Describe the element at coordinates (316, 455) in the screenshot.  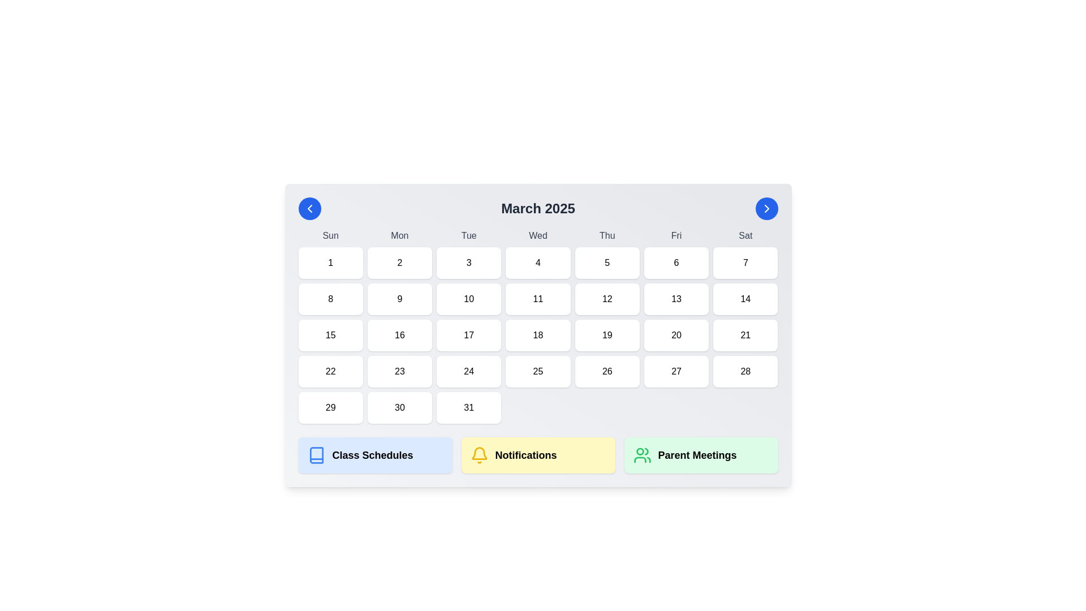
I see `open book icon, which is blue and located in the blue box labeled 'Class Schedules' at the bottom left of the interface` at that location.